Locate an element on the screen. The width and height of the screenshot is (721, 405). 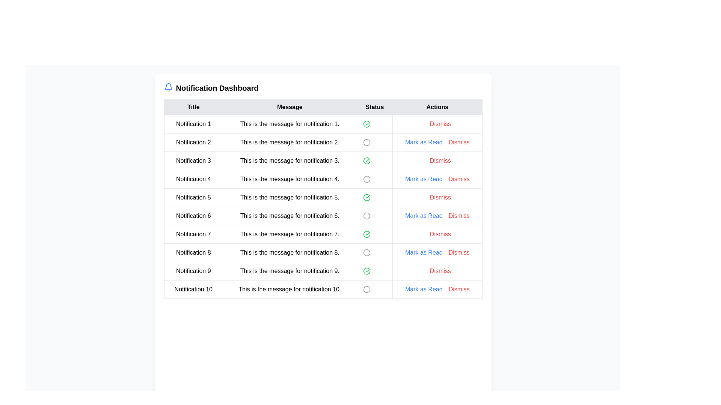
the button in the 'Actions' column of Notification 5 is located at coordinates (437, 197).